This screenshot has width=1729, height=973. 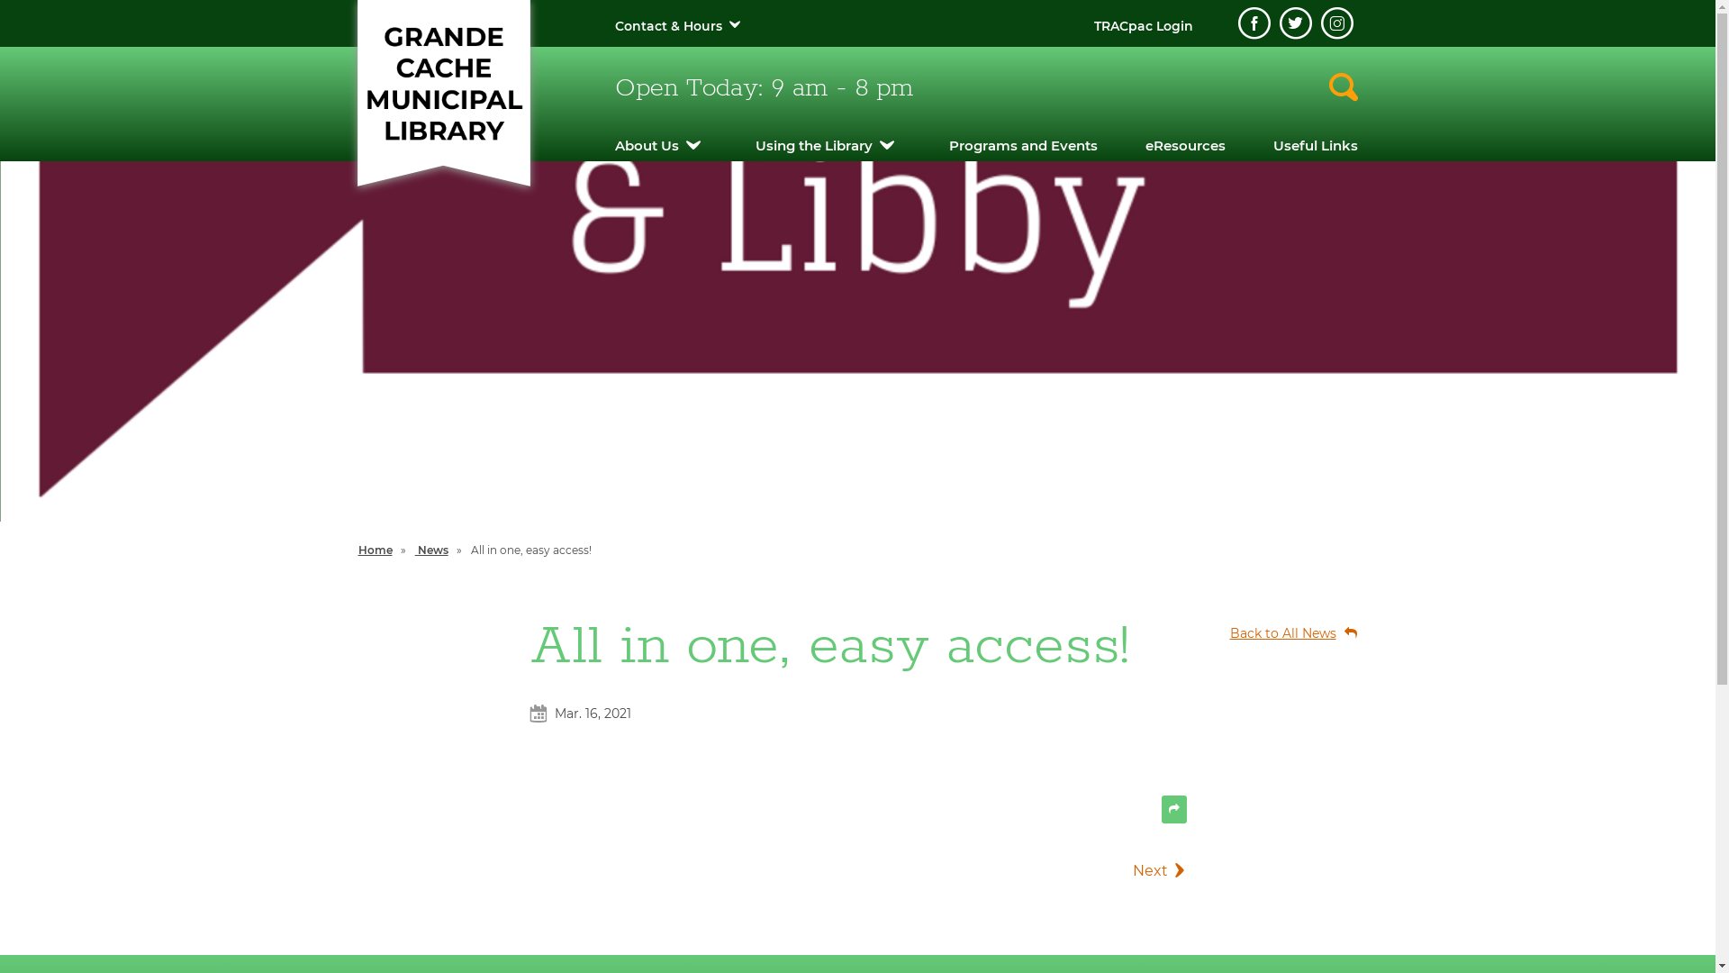 What do you see at coordinates (442, 83) in the screenshot?
I see `'Grande Cache Municipal Library'` at bounding box center [442, 83].